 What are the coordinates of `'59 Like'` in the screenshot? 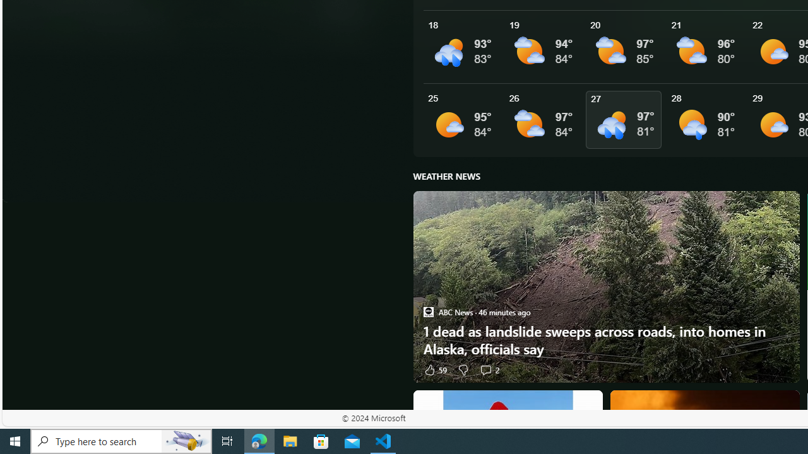 It's located at (434, 369).